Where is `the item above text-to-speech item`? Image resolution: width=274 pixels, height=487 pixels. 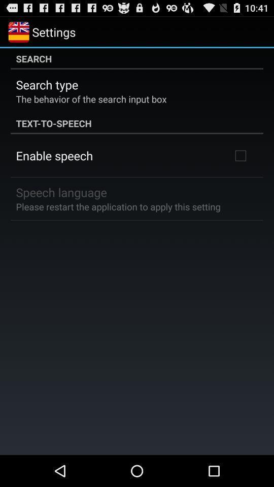
the item above text-to-speech item is located at coordinates (91, 98).